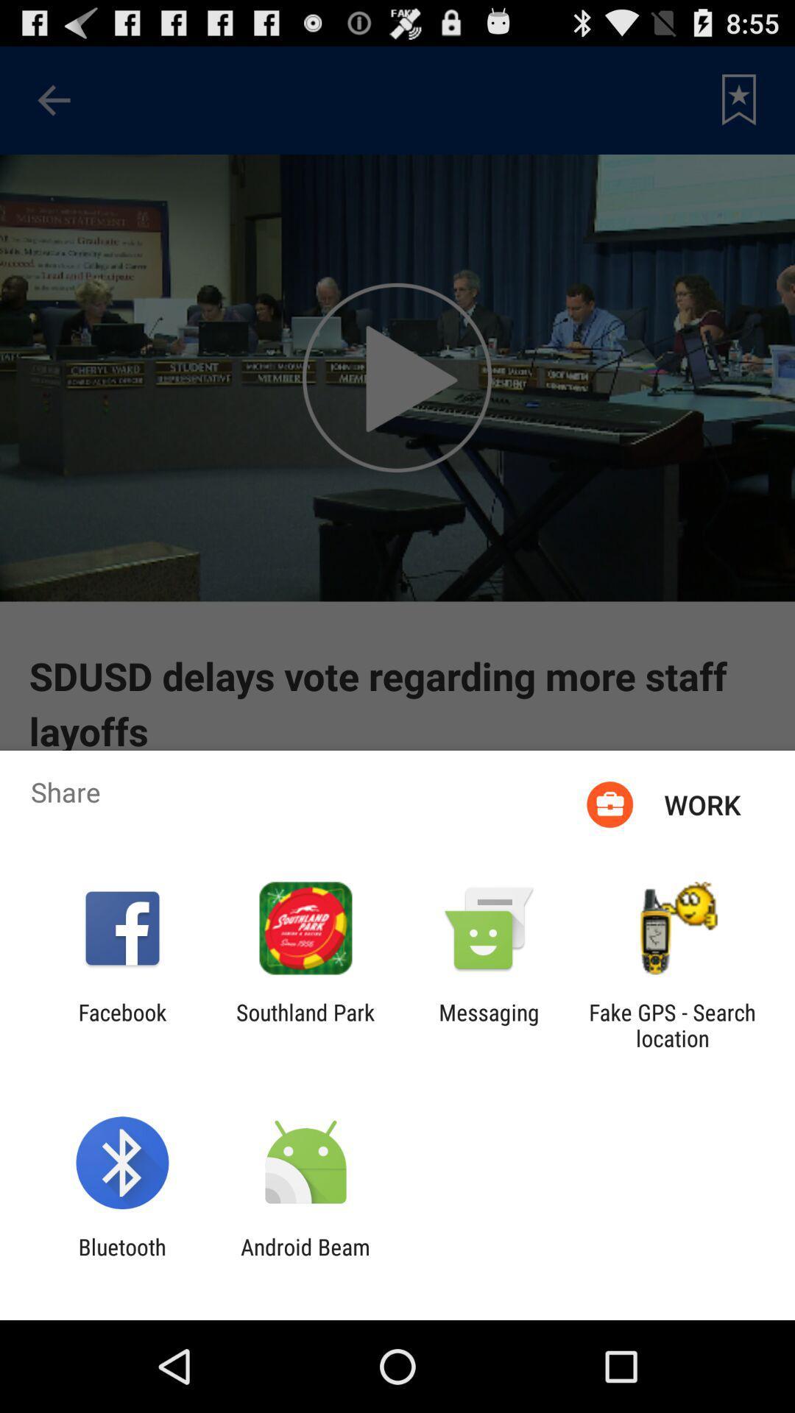 This screenshot has width=795, height=1413. Describe the element at coordinates (489, 1024) in the screenshot. I see `item next to fake gps search item` at that location.